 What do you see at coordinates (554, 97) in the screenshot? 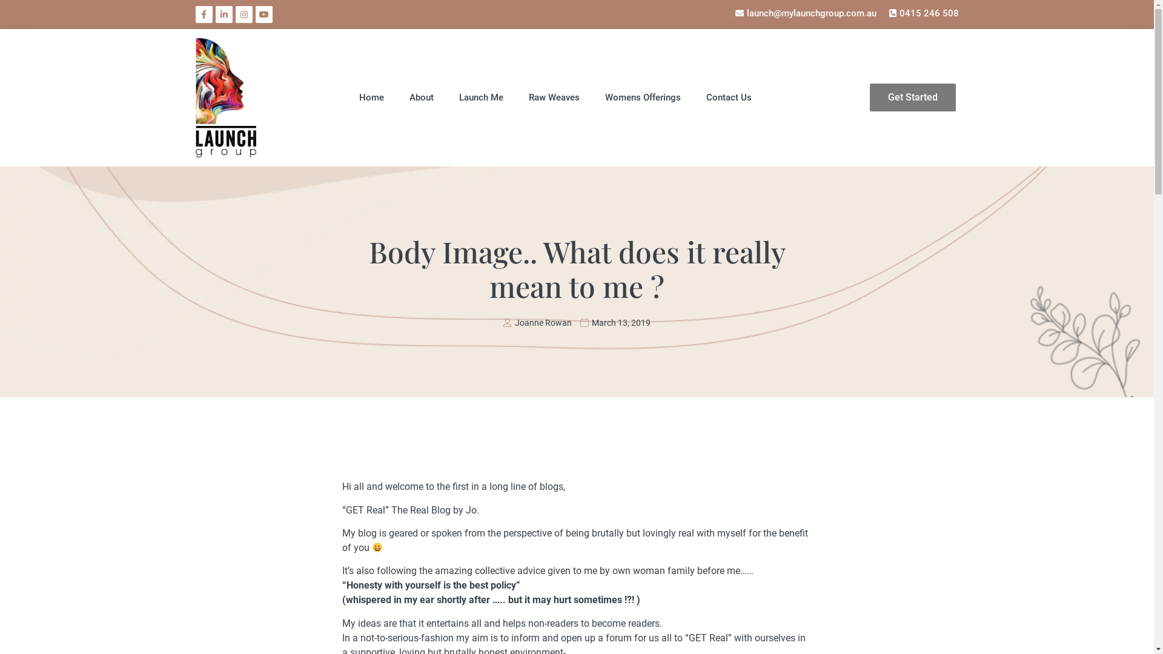
I see `'Raw Weaves'` at bounding box center [554, 97].